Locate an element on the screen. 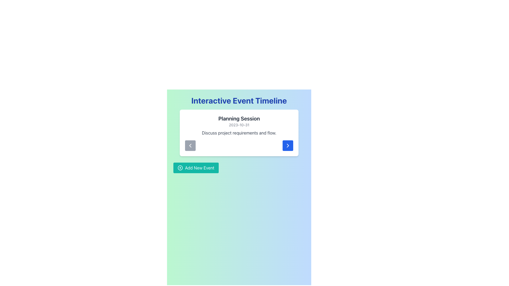 This screenshot has width=509, height=286. the button located to the left of the descriptive text within the event card component, which serves as a navigational control for cycling to the previous item in the sequence is located at coordinates (190, 146).